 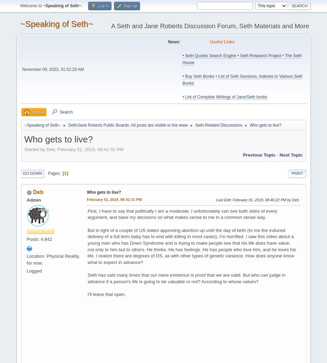 I want to click on '-', so click(x=277, y=154).